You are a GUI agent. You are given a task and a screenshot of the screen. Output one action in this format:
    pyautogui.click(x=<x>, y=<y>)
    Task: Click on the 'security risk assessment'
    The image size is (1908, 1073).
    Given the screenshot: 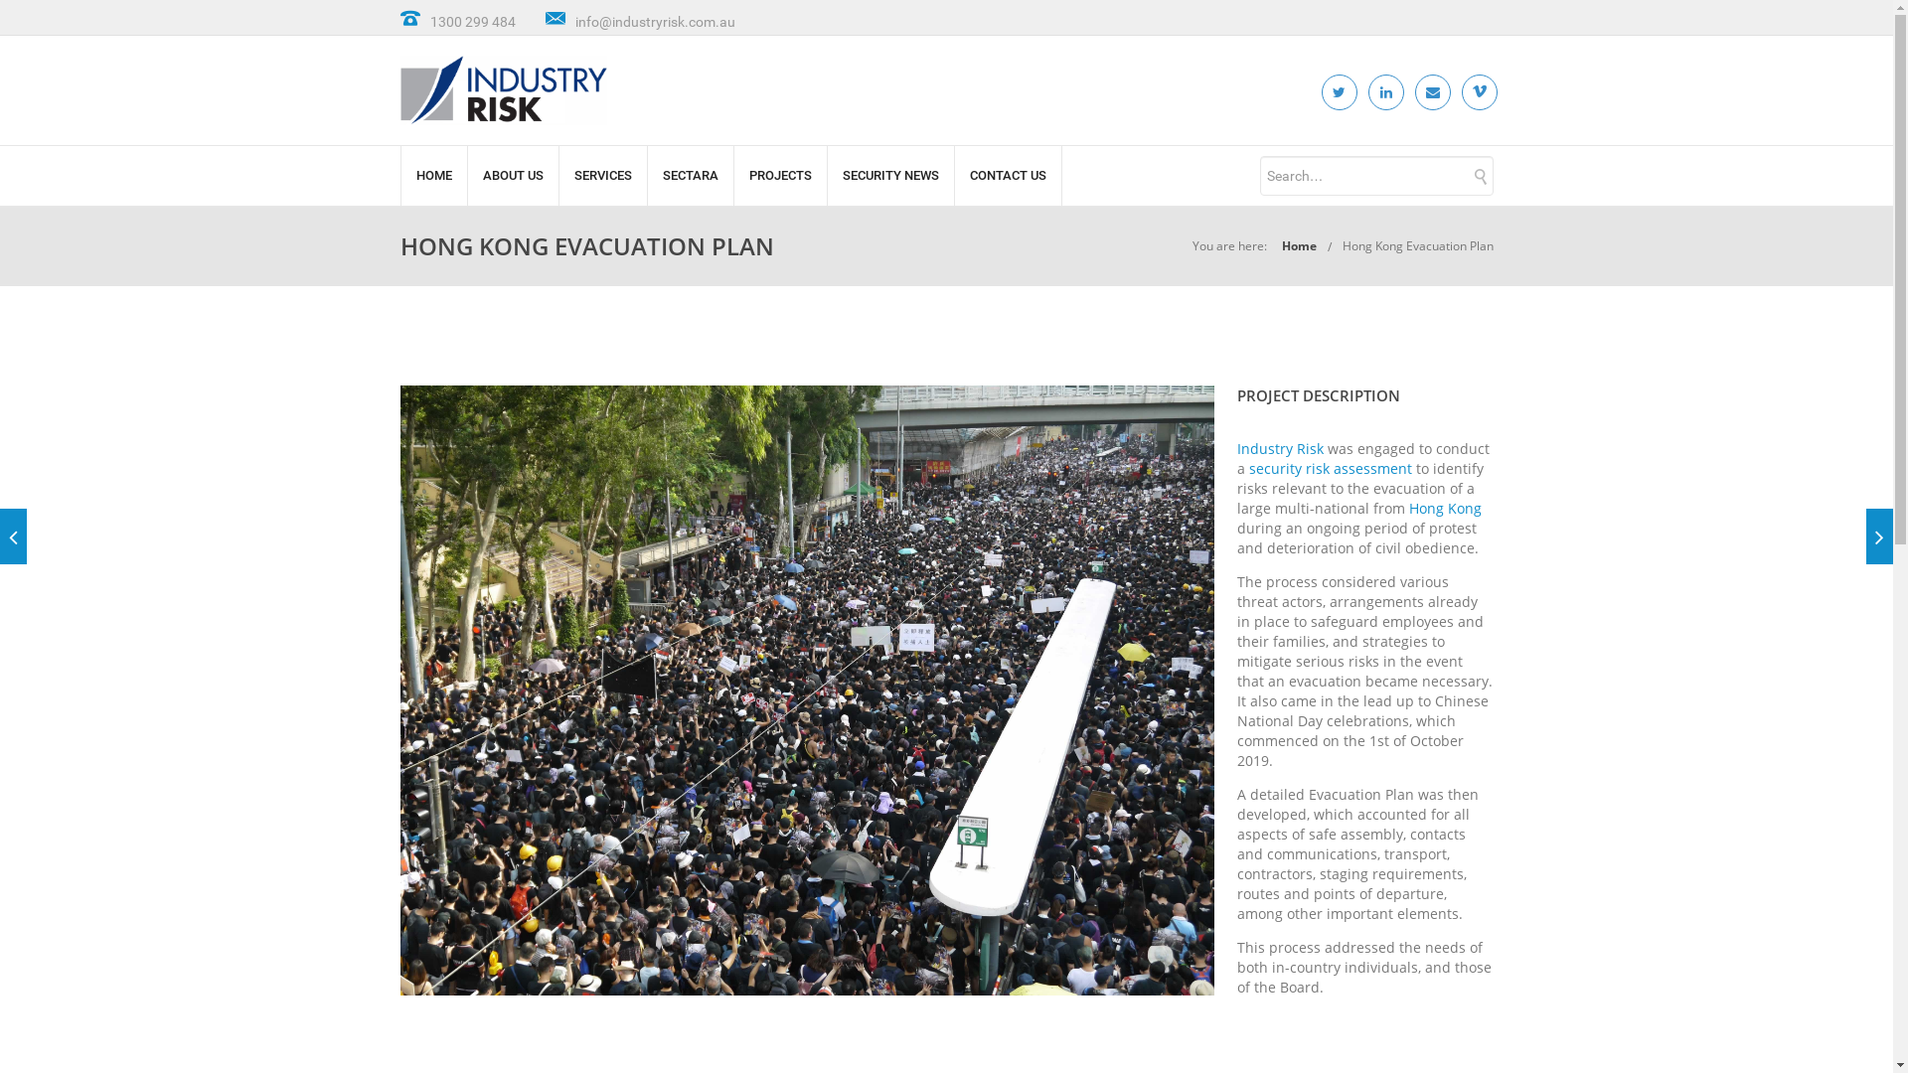 What is the action you would take?
    pyautogui.click(x=1331, y=468)
    